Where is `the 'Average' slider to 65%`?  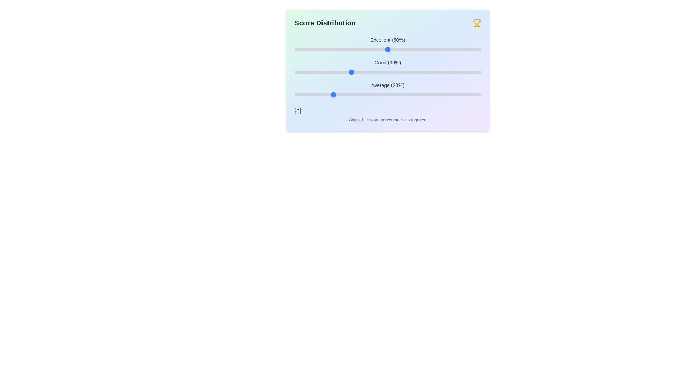
the 'Average' slider to 65% is located at coordinates (416, 94).